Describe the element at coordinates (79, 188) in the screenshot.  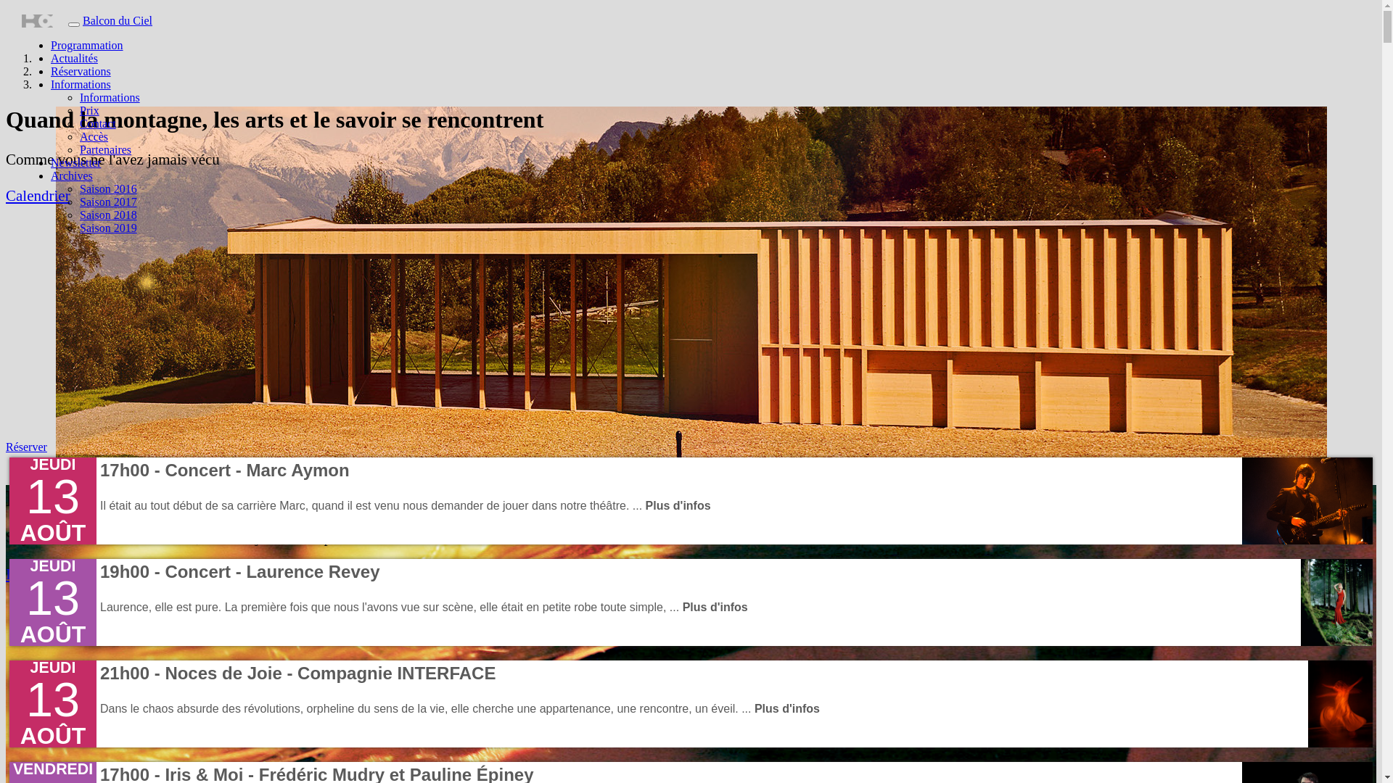
I see `'Saison 2016'` at that location.